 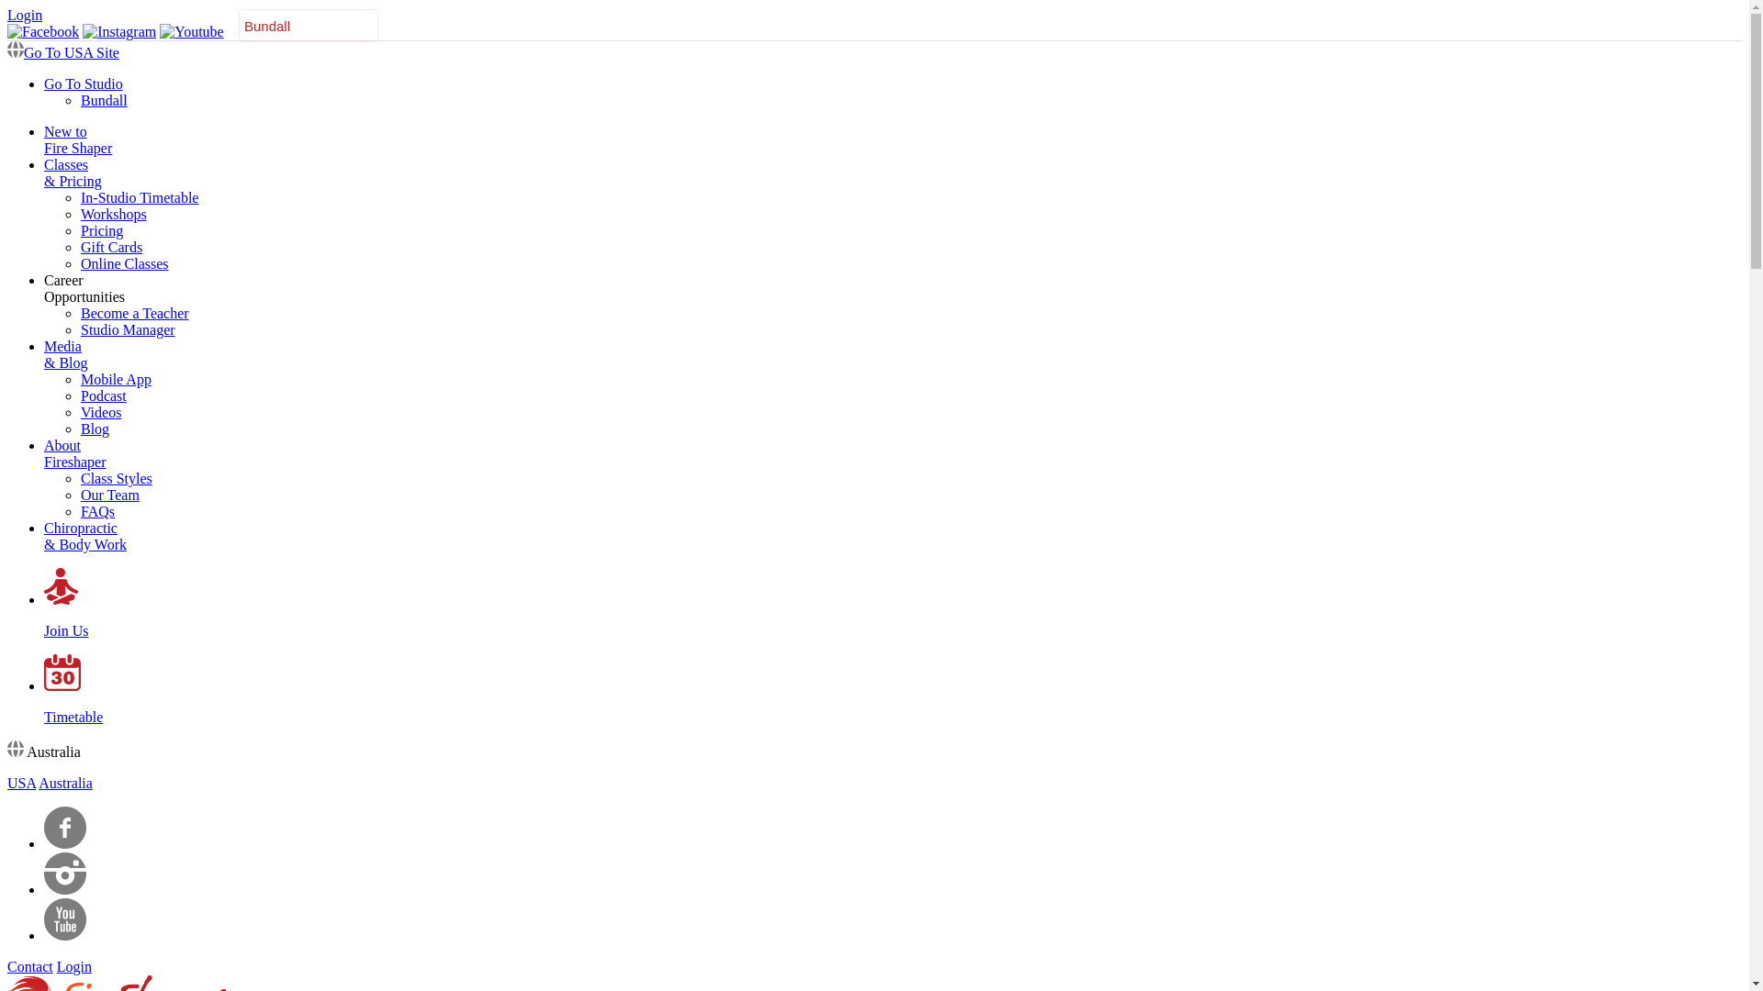 What do you see at coordinates (7, 965) in the screenshot?
I see `'Contact'` at bounding box center [7, 965].